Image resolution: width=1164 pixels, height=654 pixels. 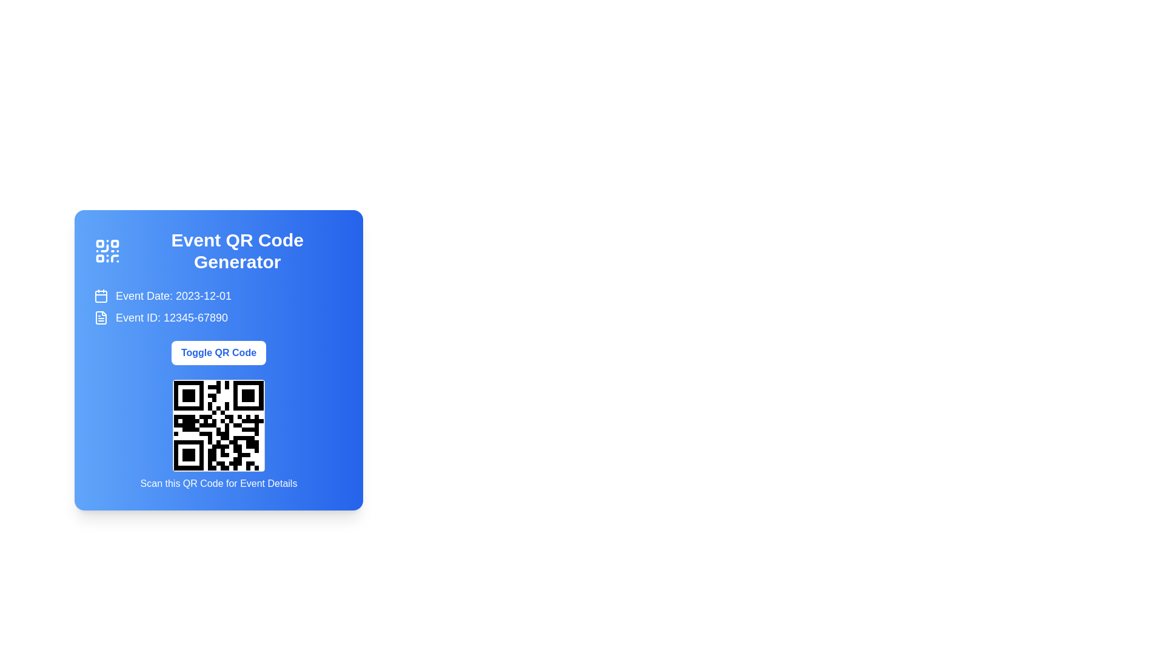 What do you see at coordinates (171, 317) in the screenshot?
I see `the text label displaying 'Event ID: 12345-67890' which is in a bold, large font on a light blue background, located below the event date and to the right of a document icon` at bounding box center [171, 317].